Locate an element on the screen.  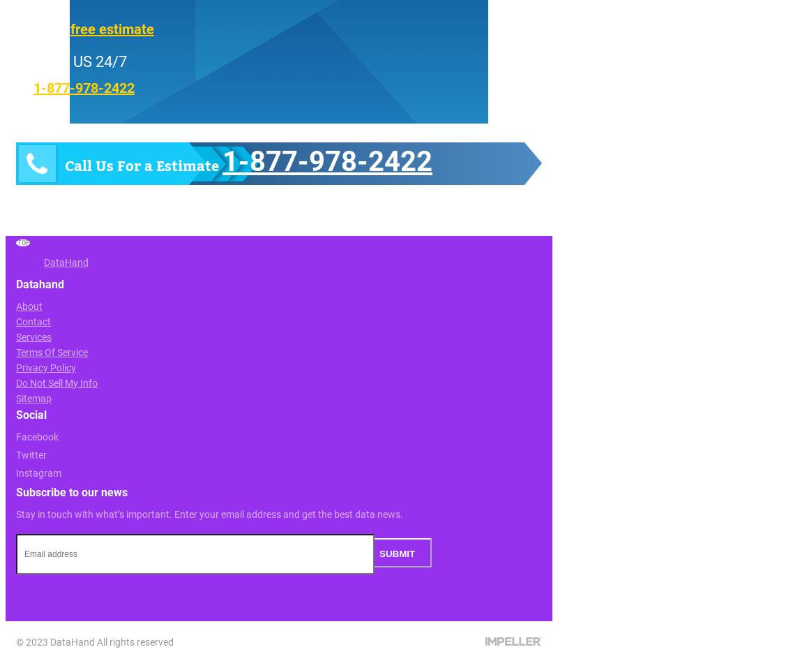
'Get a' is located at coordinates (52, 27).